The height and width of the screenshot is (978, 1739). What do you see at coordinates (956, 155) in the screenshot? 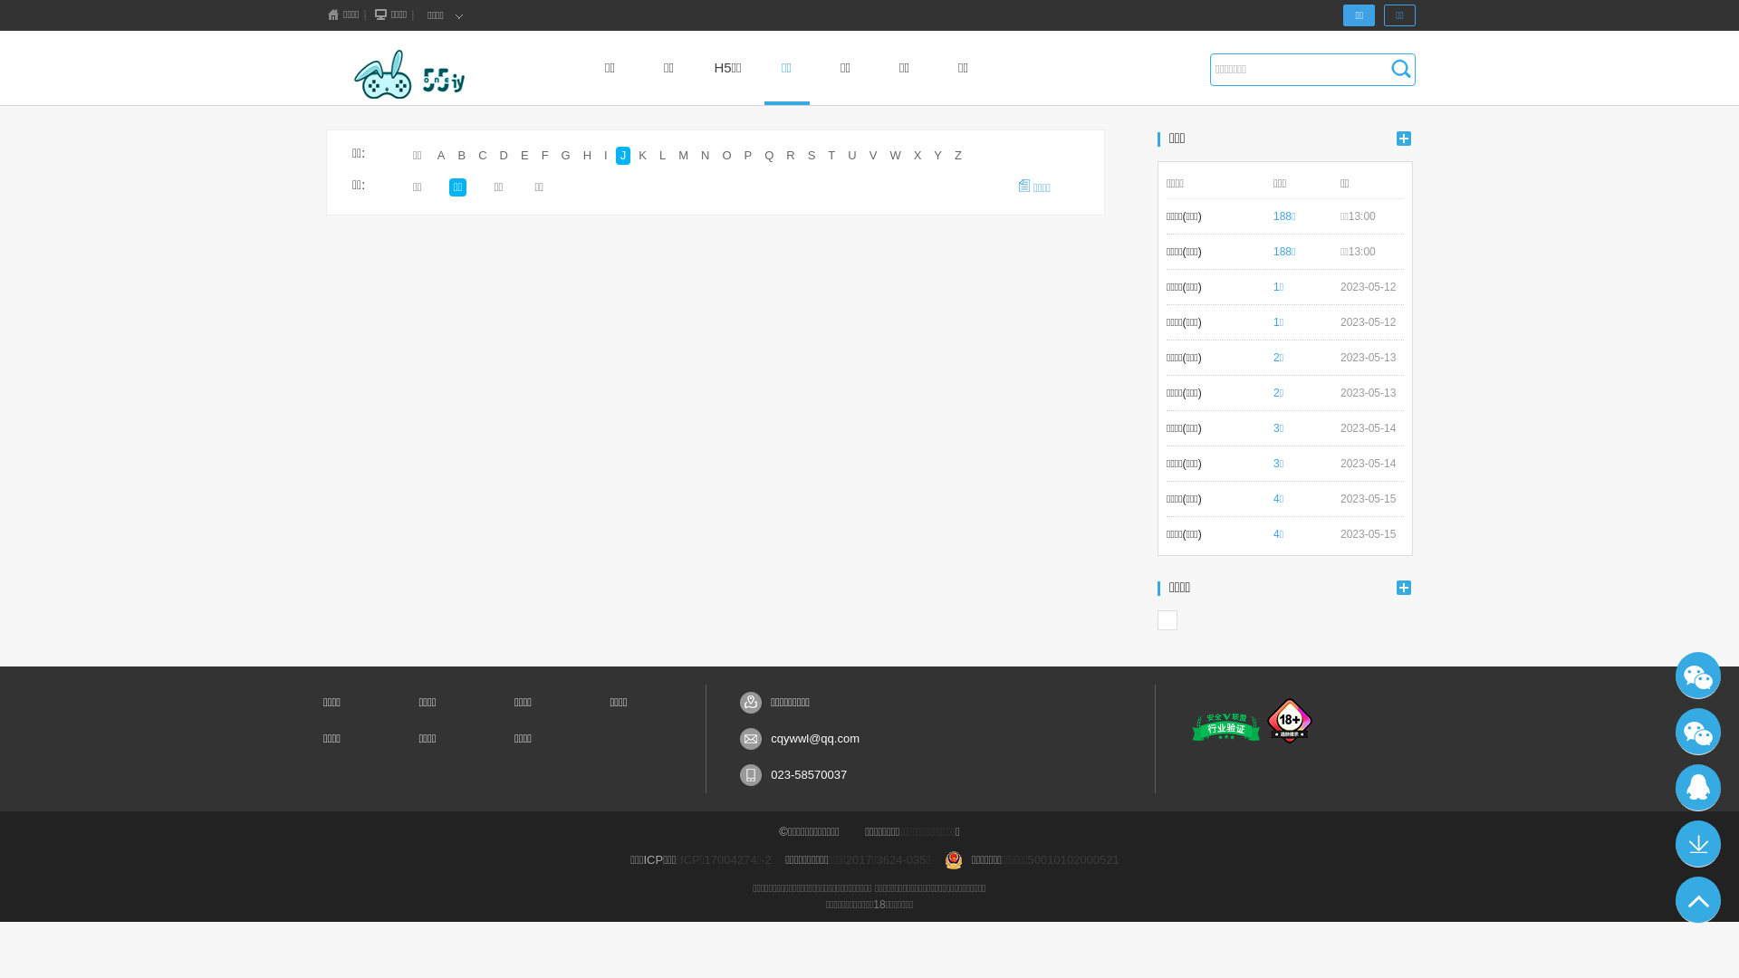
I see `'Z'` at bounding box center [956, 155].